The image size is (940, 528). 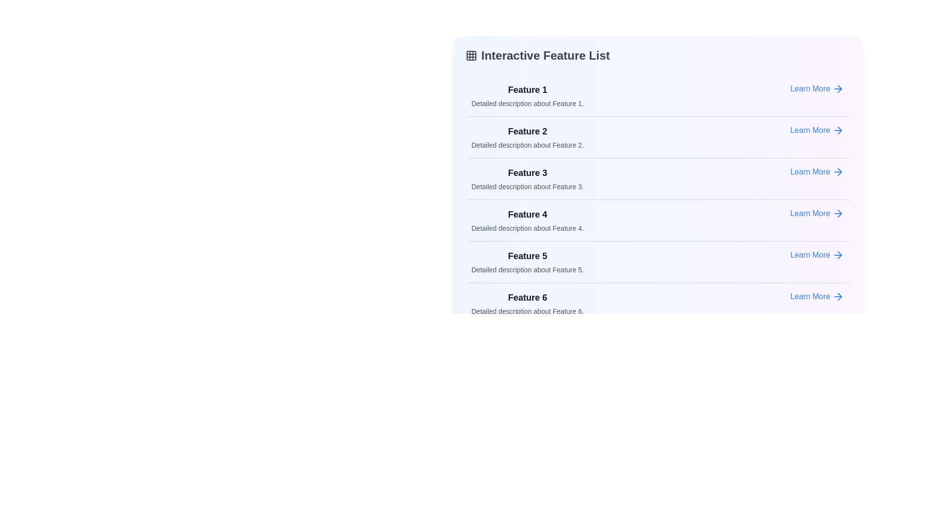 I want to click on the 'Learn More' button for feature 4, so click(x=817, y=213).